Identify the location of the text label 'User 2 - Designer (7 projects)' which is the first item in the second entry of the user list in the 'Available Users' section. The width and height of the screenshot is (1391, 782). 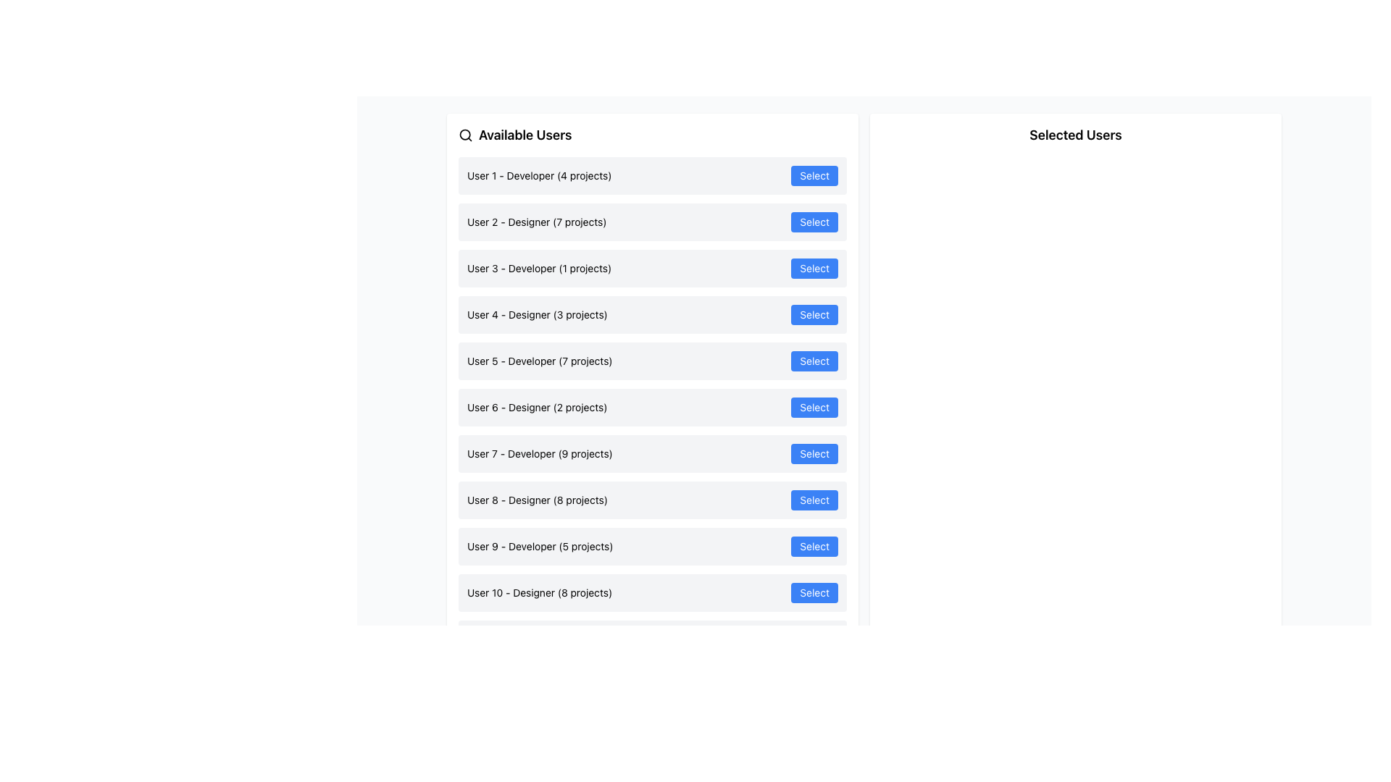
(536, 222).